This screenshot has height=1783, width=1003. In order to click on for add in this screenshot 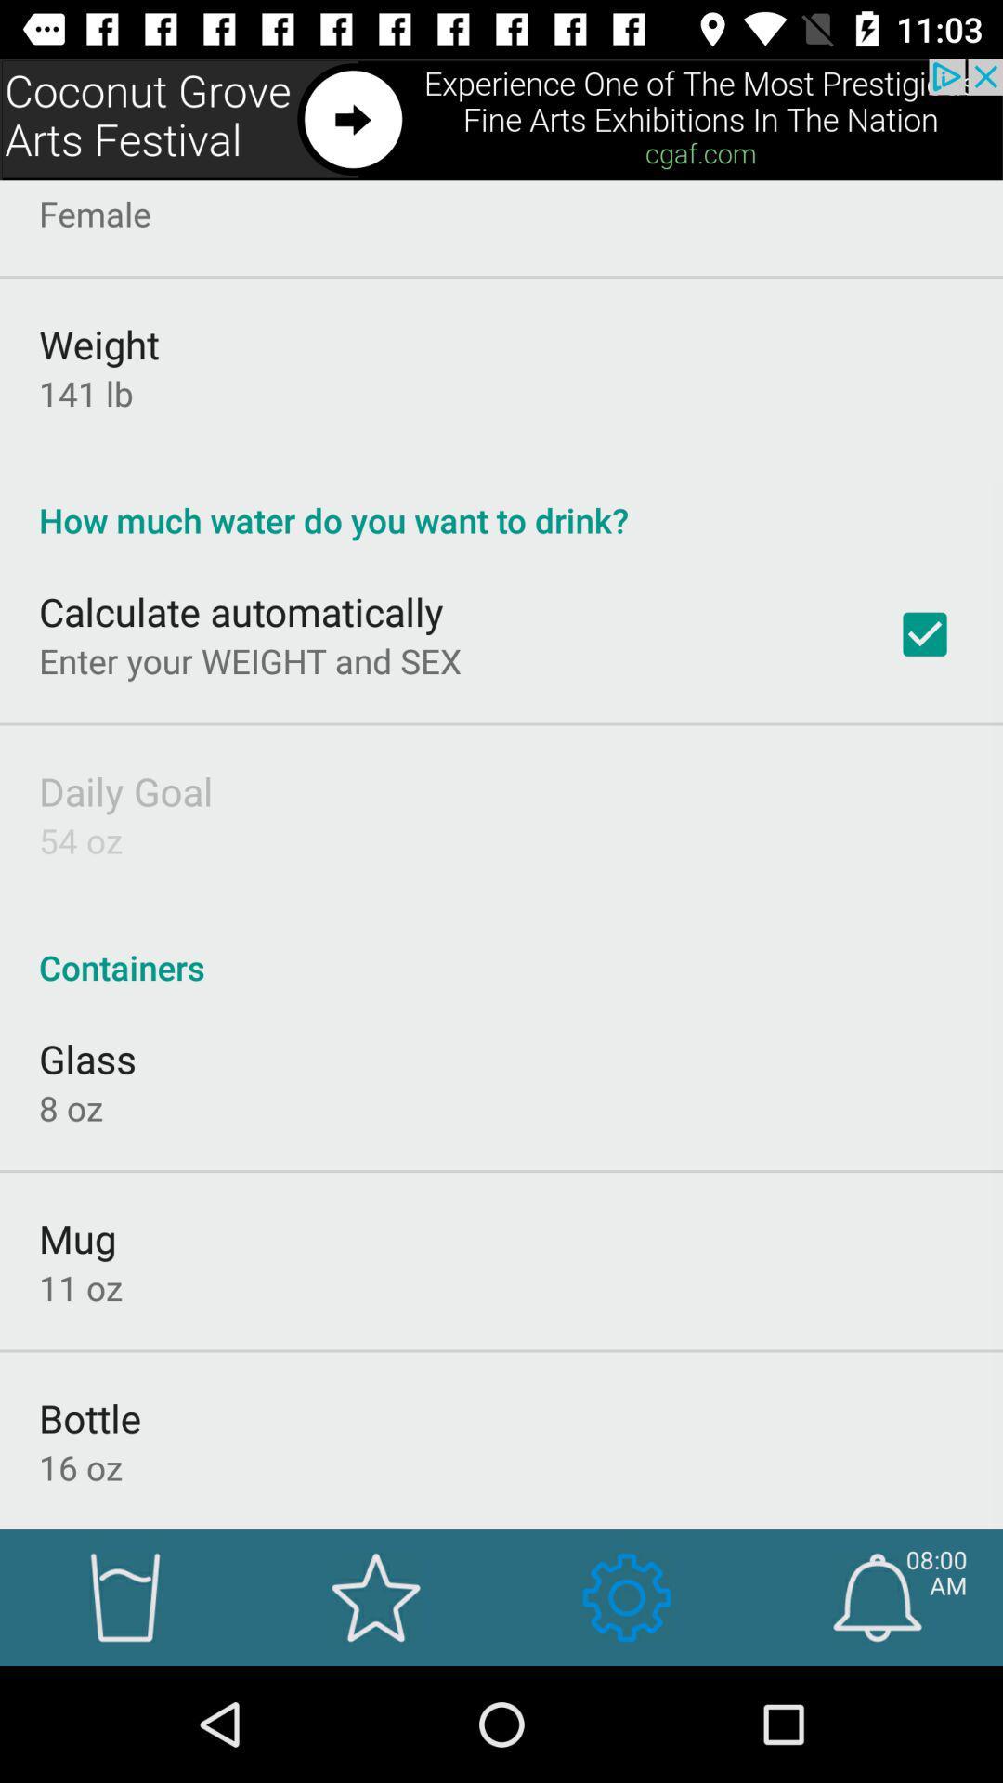, I will do `click(501, 118)`.